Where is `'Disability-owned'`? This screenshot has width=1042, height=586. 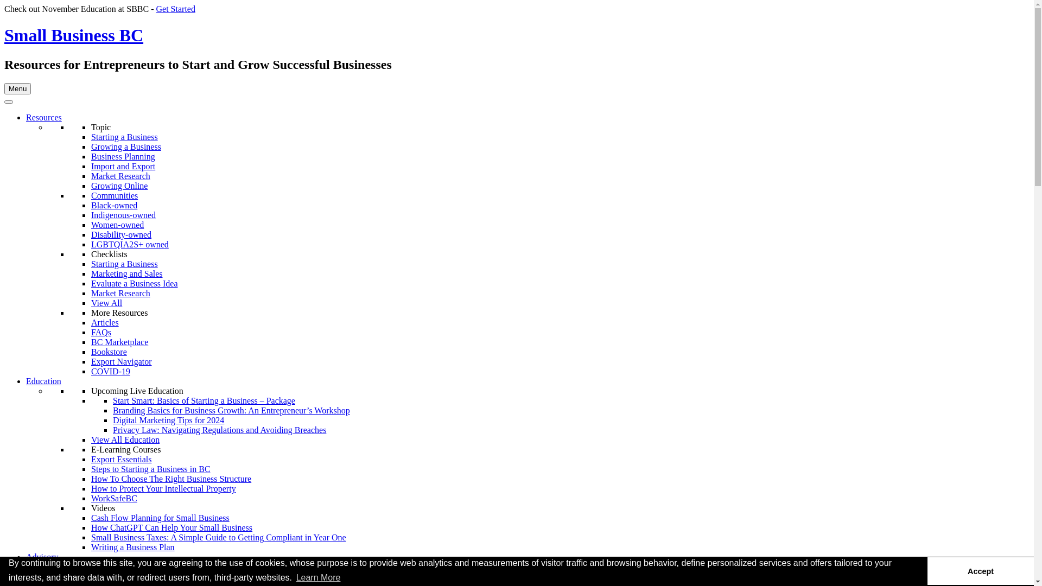 'Disability-owned' is located at coordinates (121, 234).